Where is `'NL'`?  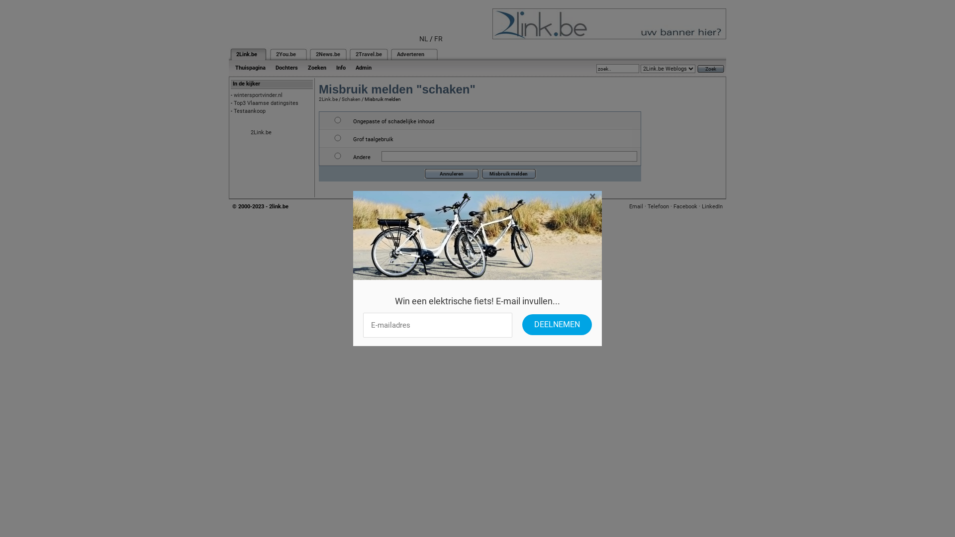 'NL' is located at coordinates (423, 38).